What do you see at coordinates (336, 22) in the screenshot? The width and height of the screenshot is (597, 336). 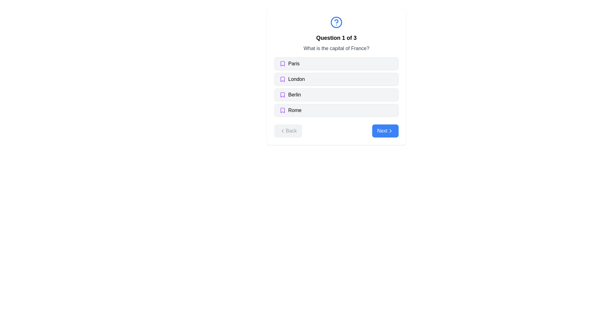 I see `the blue circular help icon located at the top center of the interface, which features a smaller concentric circle inside` at bounding box center [336, 22].